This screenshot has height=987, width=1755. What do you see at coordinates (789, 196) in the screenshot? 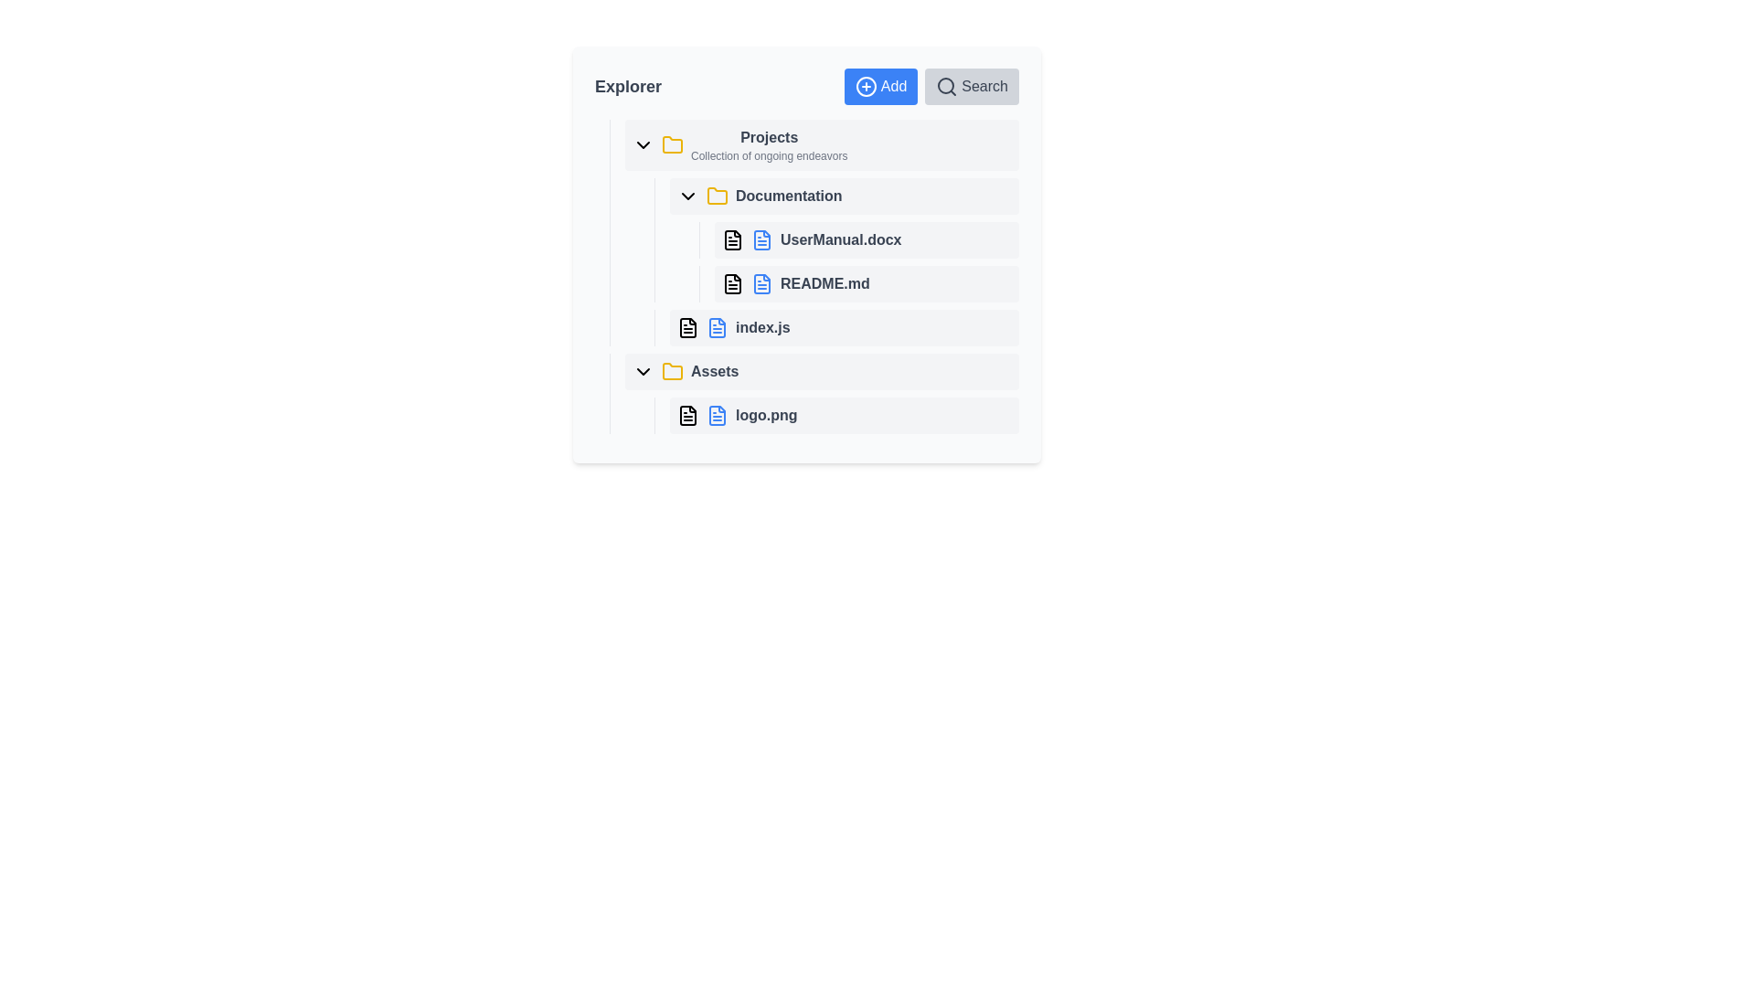
I see `the 'Documentation' text label in the 'Projects' group` at bounding box center [789, 196].